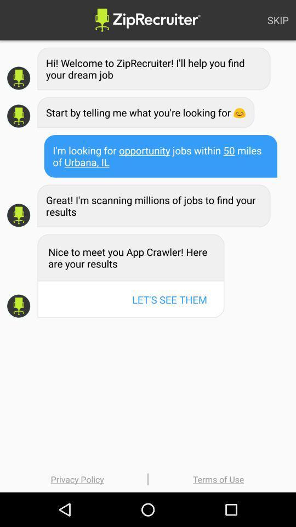  Describe the element at coordinates (77, 479) in the screenshot. I see `privacy policy item` at that location.